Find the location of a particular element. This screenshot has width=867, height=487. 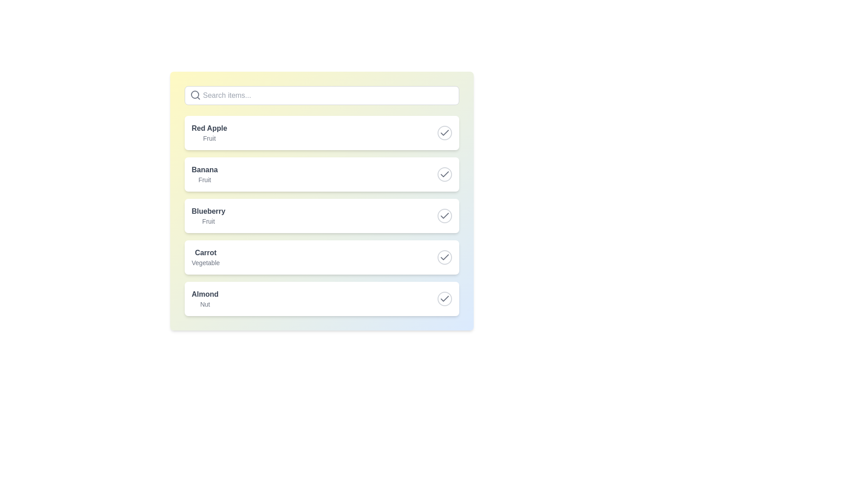

the Checkbox (visualized with a checkmark icon) located is located at coordinates (444, 133).